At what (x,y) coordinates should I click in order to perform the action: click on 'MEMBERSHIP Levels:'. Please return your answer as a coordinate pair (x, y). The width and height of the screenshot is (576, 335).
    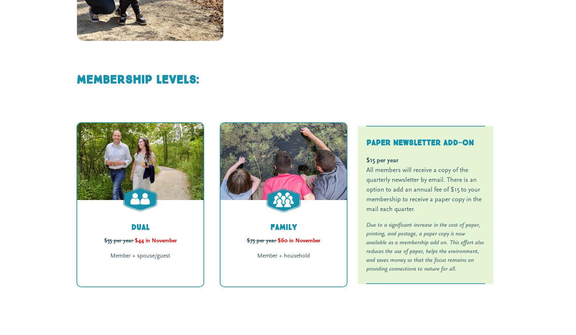
    Looking at the image, I should click on (76, 79).